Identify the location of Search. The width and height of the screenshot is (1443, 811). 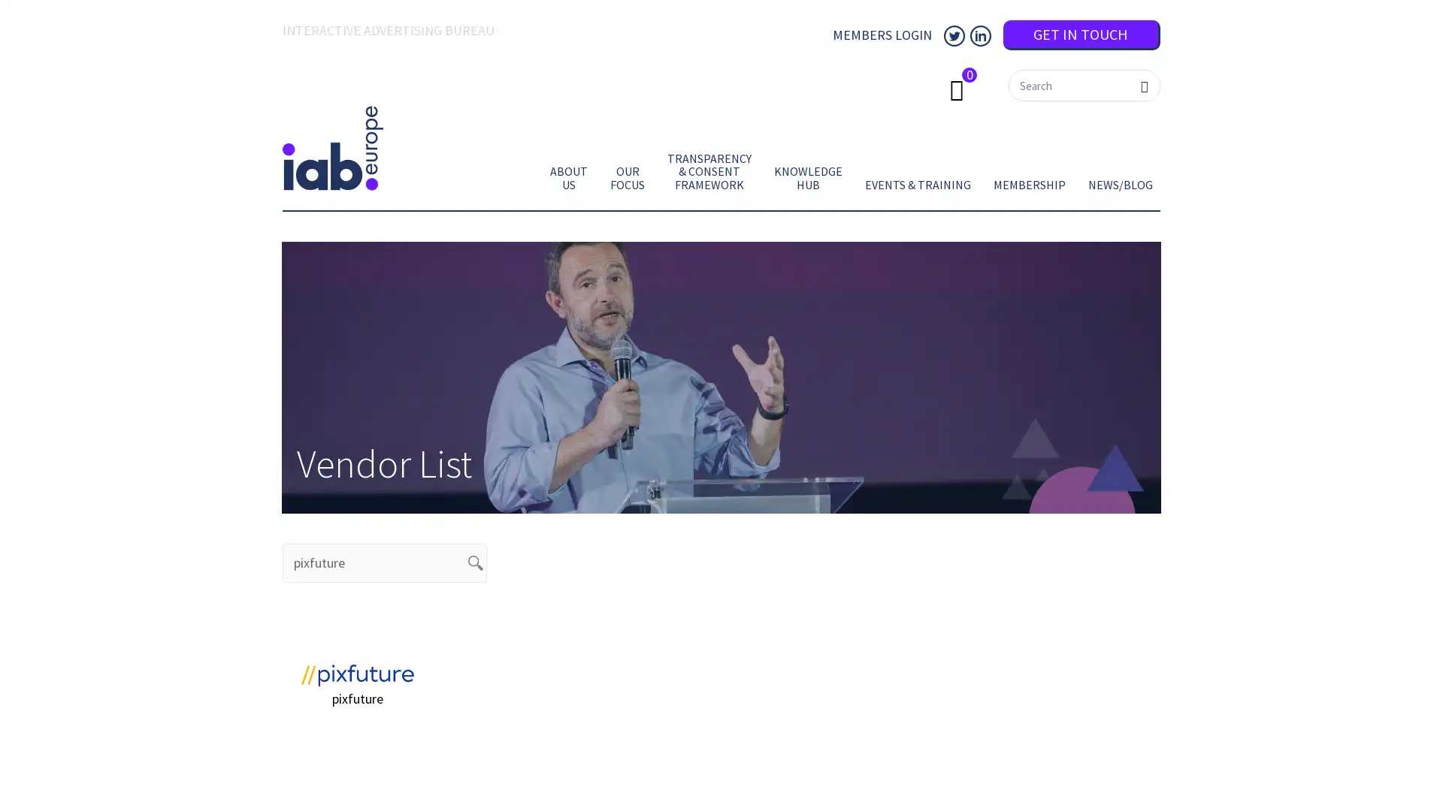
(1143, 86).